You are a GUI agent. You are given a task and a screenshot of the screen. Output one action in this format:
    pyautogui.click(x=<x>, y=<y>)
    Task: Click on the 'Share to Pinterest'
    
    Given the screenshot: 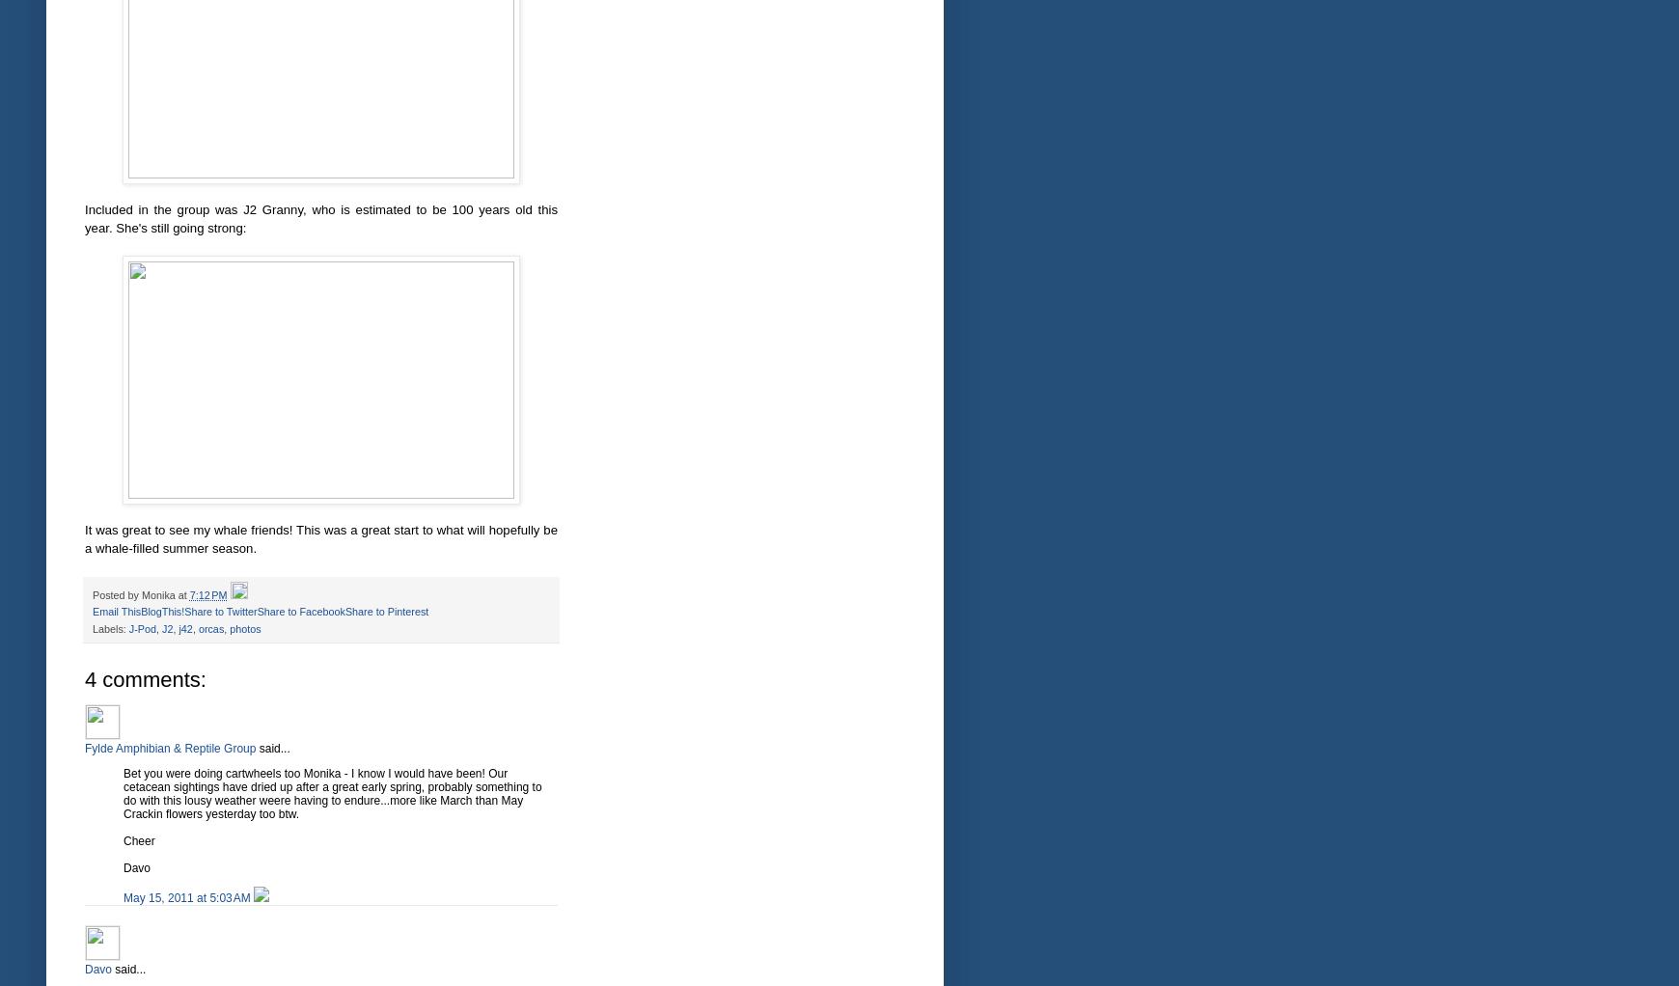 What is the action you would take?
    pyautogui.click(x=386, y=612)
    